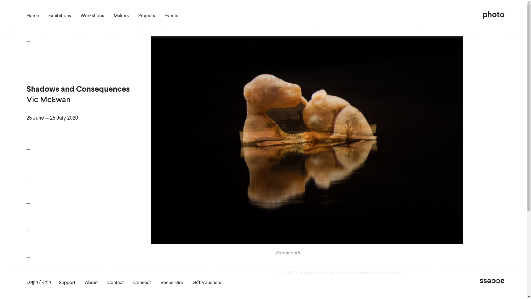 This screenshot has width=531, height=299. I want to click on 'About', so click(85, 283).